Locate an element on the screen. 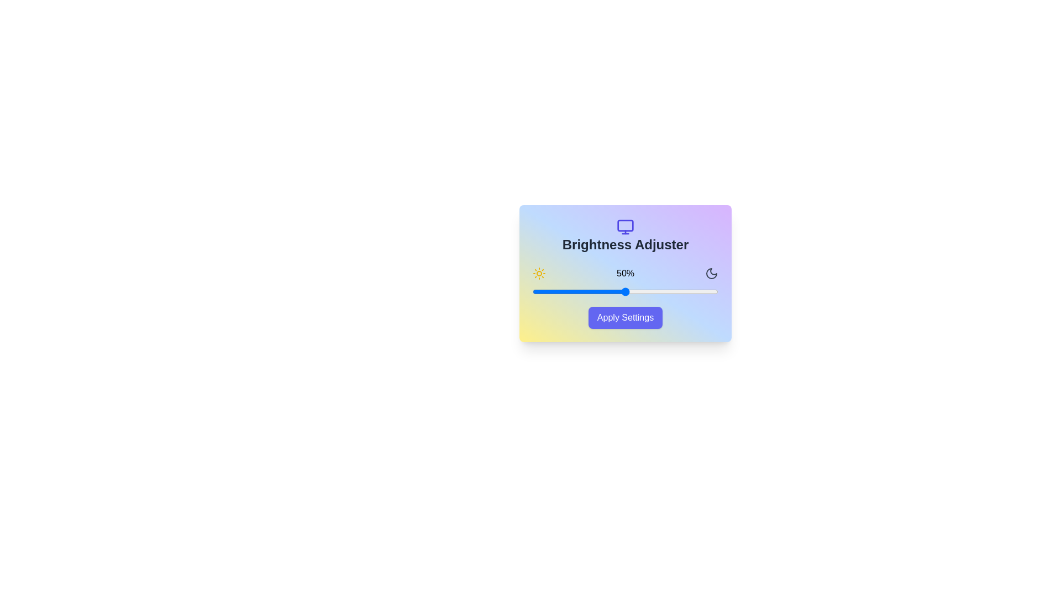  the sun icon to display its tooltip is located at coordinates (539, 273).